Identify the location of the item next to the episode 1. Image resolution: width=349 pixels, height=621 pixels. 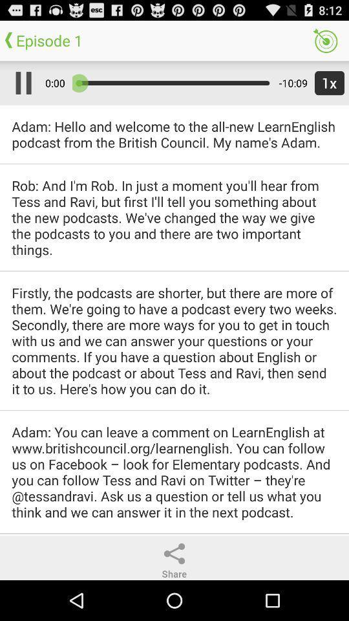
(324, 40).